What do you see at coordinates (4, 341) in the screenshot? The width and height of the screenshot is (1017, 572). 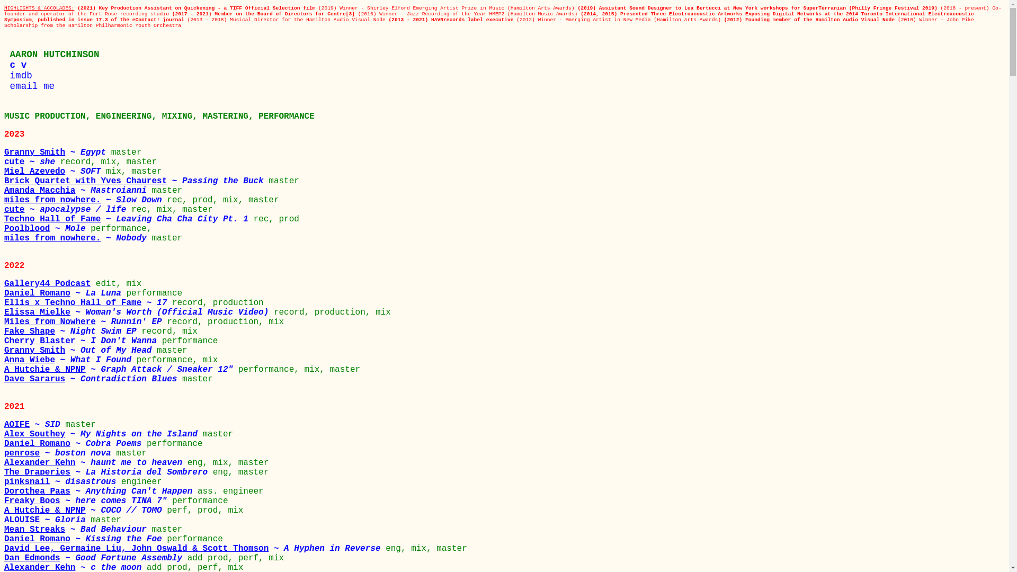 I see `'Cherry Blaster ~ I Don't Wanna'` at bounding box center [4, 341].